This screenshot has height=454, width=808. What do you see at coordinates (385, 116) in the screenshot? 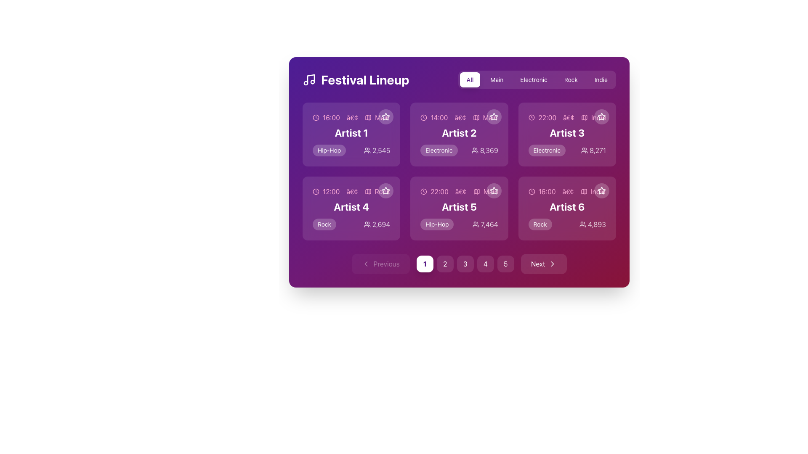
I see `the star-shaped icon located in the upper-right corner of the 'Artist 1' card` at bounding box center [385, 116].